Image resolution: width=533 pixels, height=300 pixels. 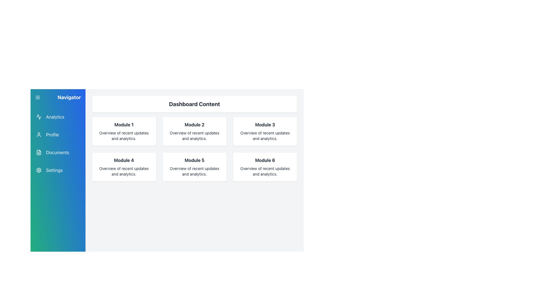 I want to click on the 'Settings' text label in the navigation menu, which indicates its role and is positioned to the right of a gear icon, so click(x=54, y=170).